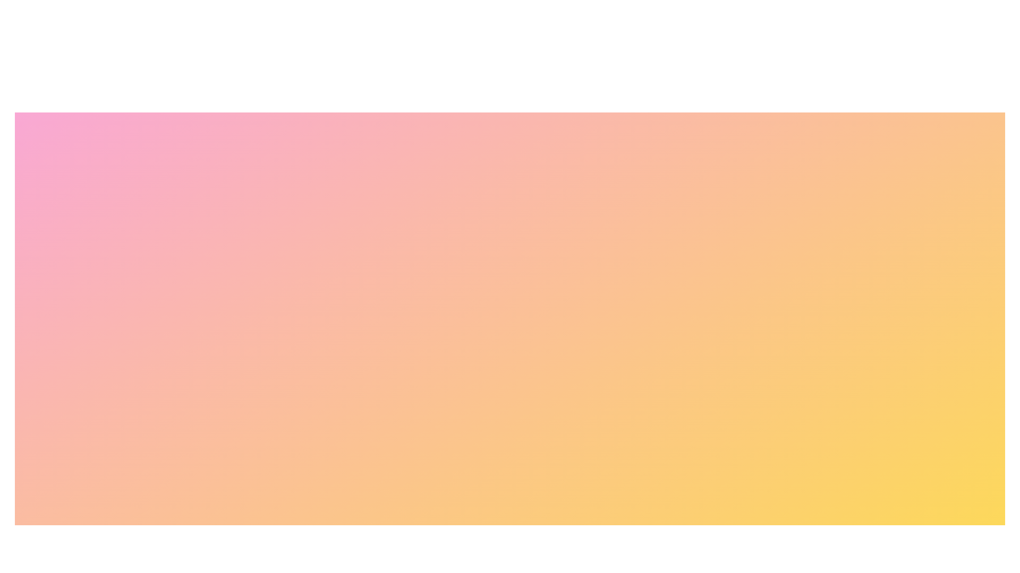 The height and width of the screenshot is (573, 1020). I want to click on the Cart button to perform the corresponding action, so click(912, 542).